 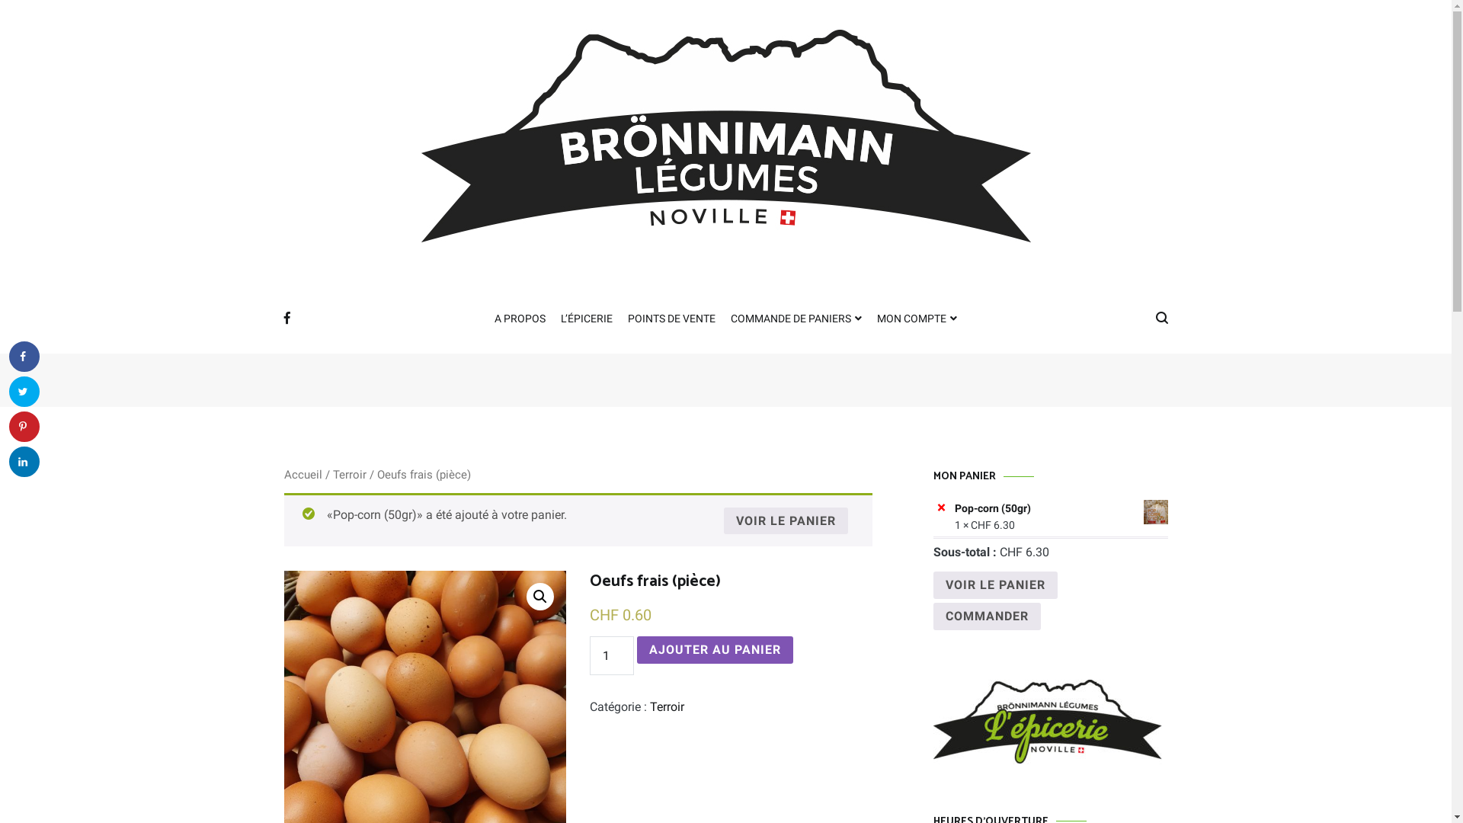 I want to click on 'A PROPOS', so click(x=520, y=319).